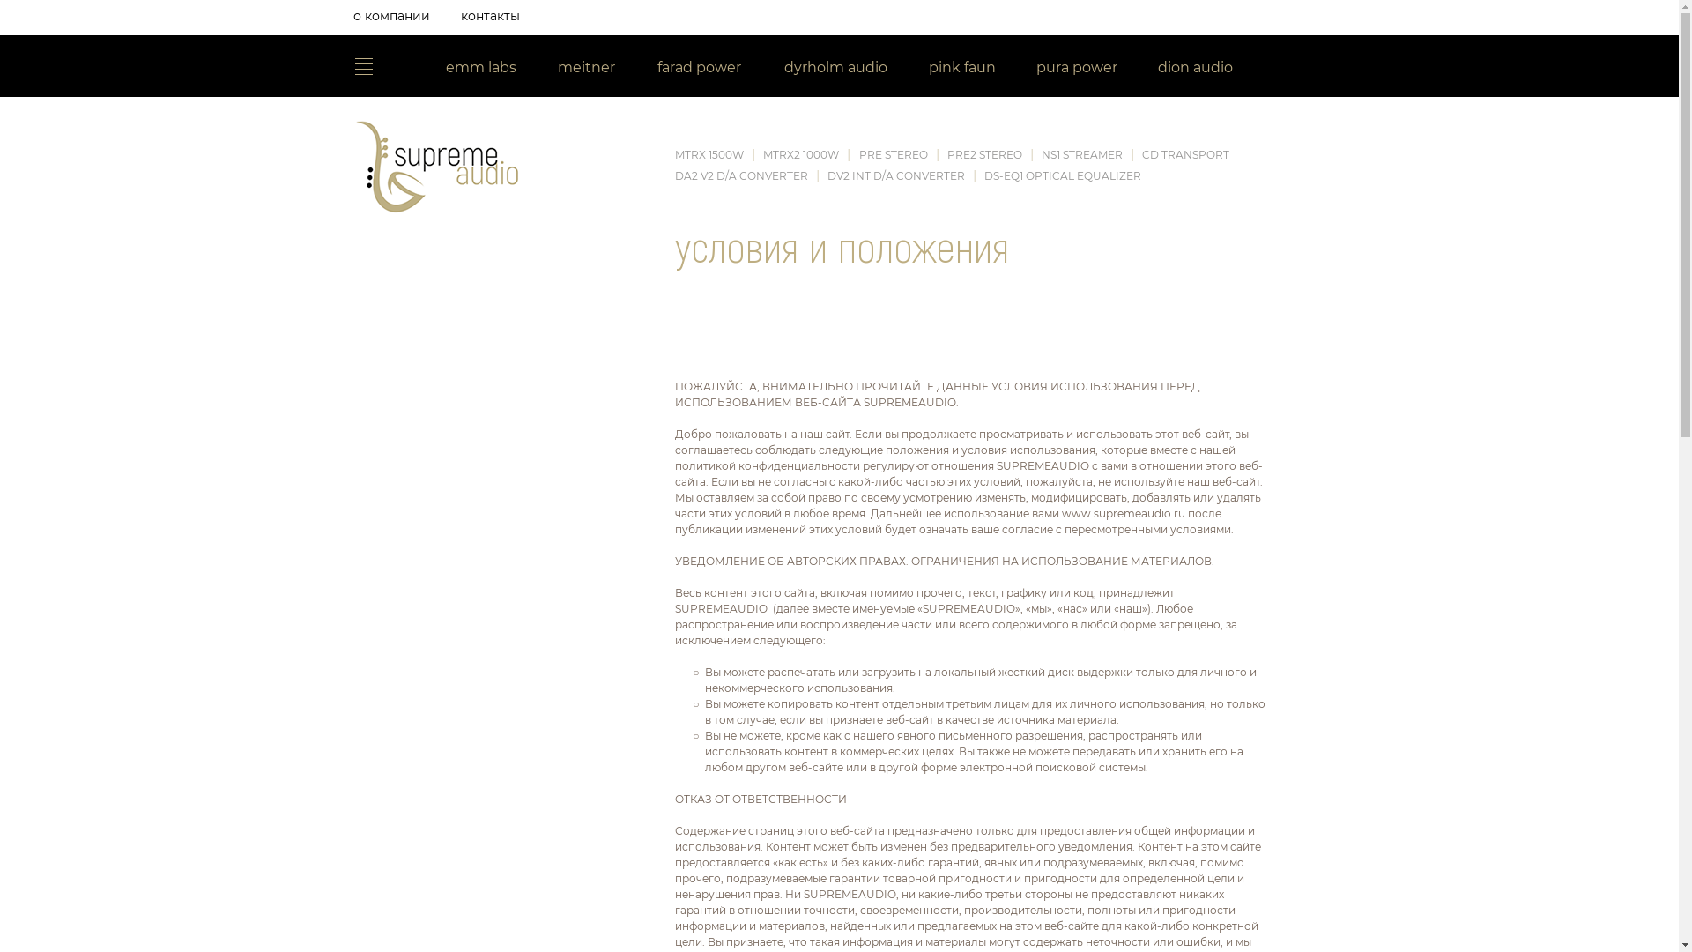 This screenshot has height=952, width=1692. Describe the element at coordinates (587, 68) in the screenshot. I see `'meitner'` at that location.